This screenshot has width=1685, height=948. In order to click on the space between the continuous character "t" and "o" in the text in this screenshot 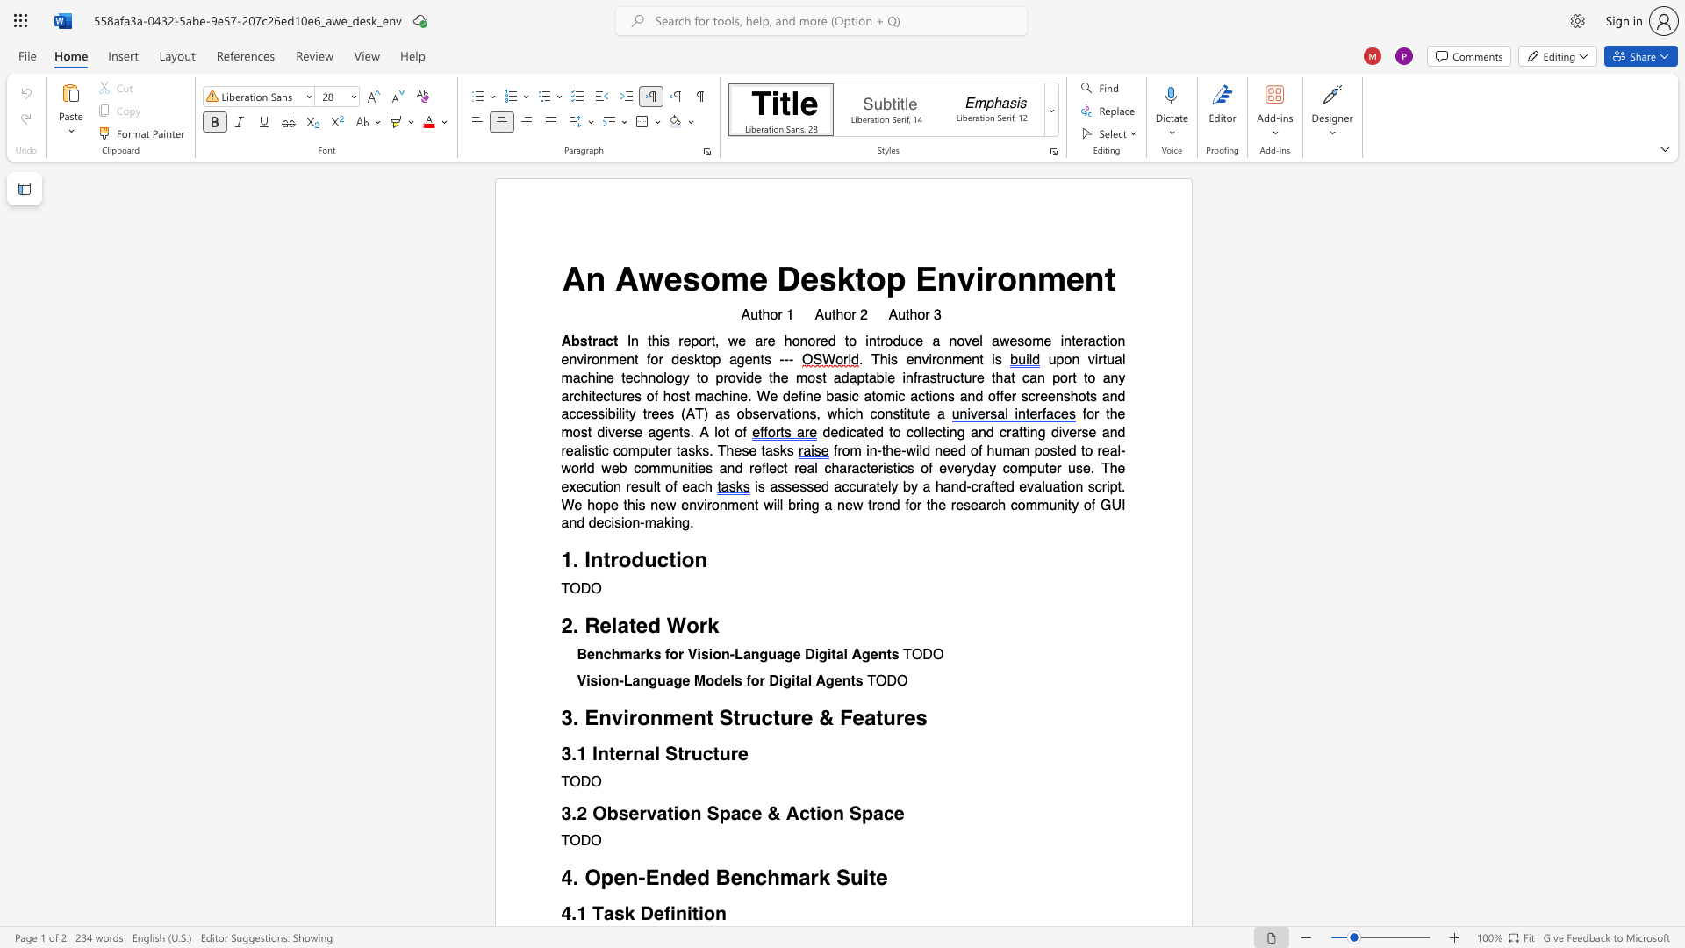, I will do `click(868, 277)`.